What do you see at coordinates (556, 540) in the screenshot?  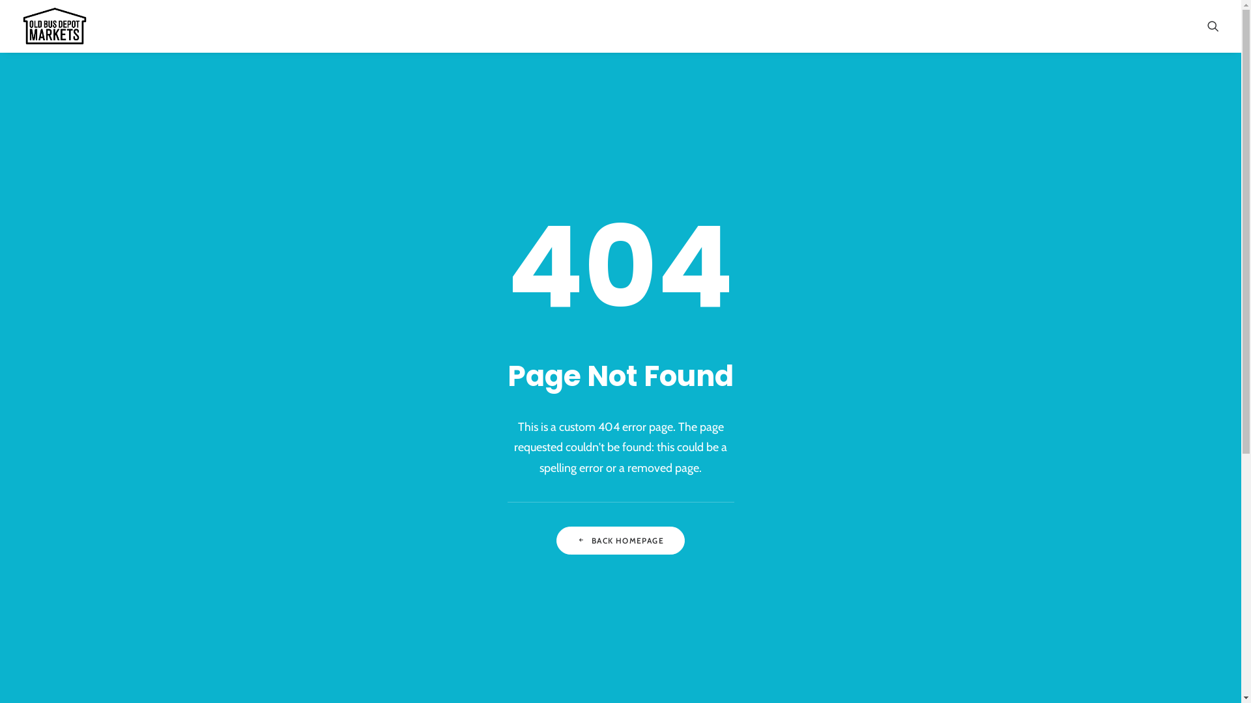 I see `'BACK HOMEPAGE'` at bounding box center [556, 540].